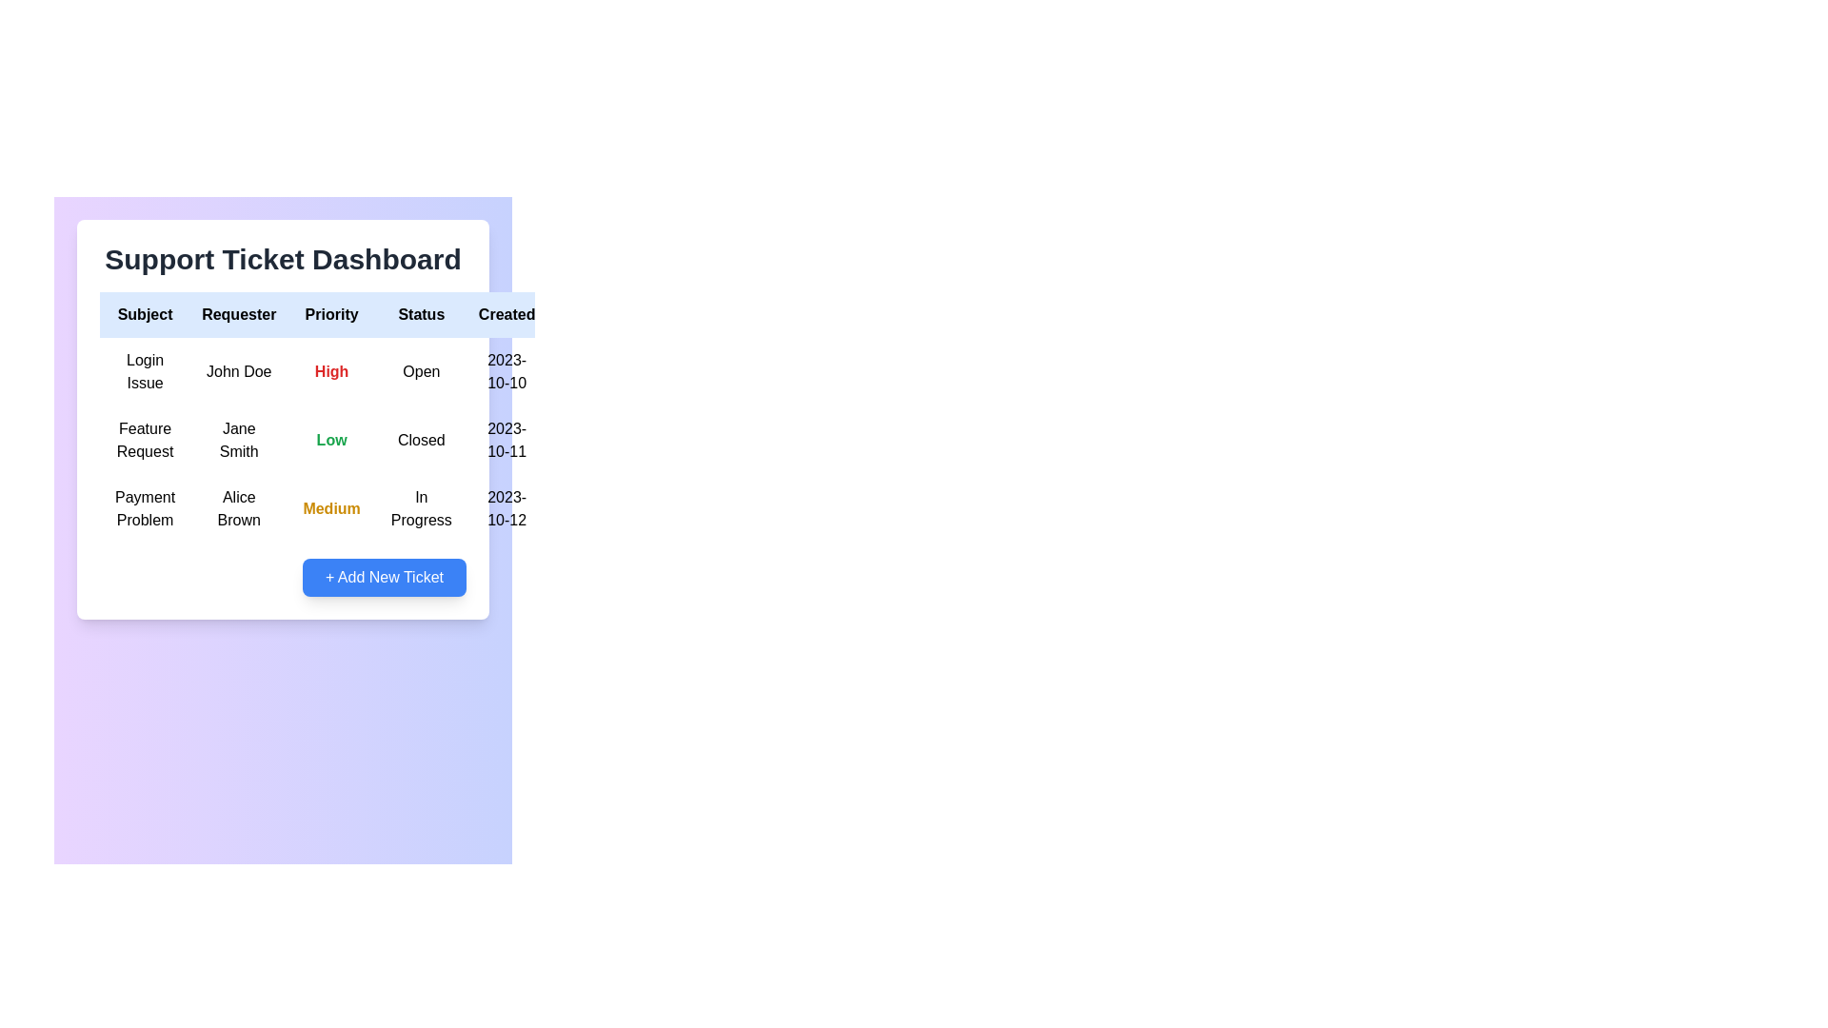 The width and height of the screenshot is (1828, 1028). I want to click on the text label displaying 'Medium' in bold yellow font, located in the third row under the 'Priority' column of the table, so click(331, 508).